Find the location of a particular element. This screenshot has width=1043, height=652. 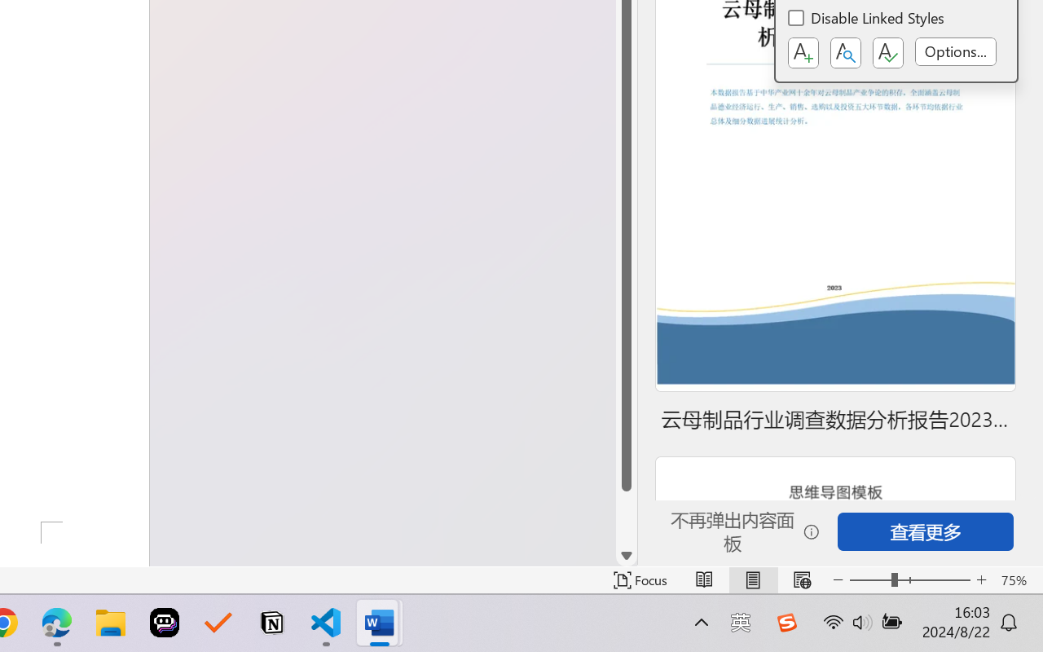

'Class: Image' is located at coordinates (786, 623).